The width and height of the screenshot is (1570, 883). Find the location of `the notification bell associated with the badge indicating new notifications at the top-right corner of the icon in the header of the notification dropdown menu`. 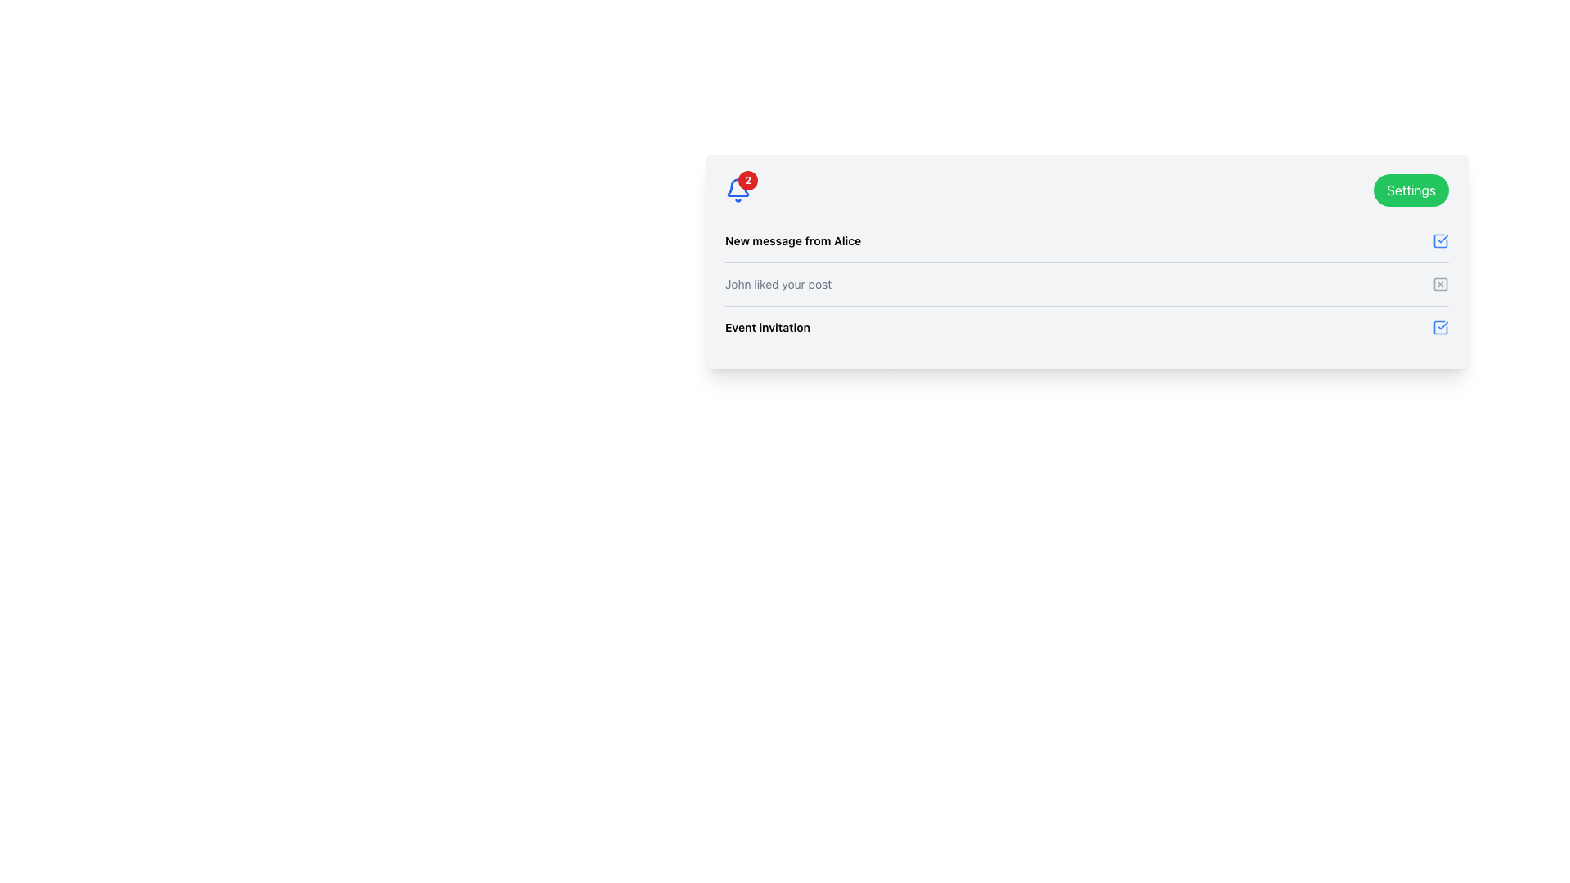

the notification bell associated with the badge indicating new notifications at the top-right corner of the icon in the header of the notification dropdown menu is located at coordinates (747, 180).